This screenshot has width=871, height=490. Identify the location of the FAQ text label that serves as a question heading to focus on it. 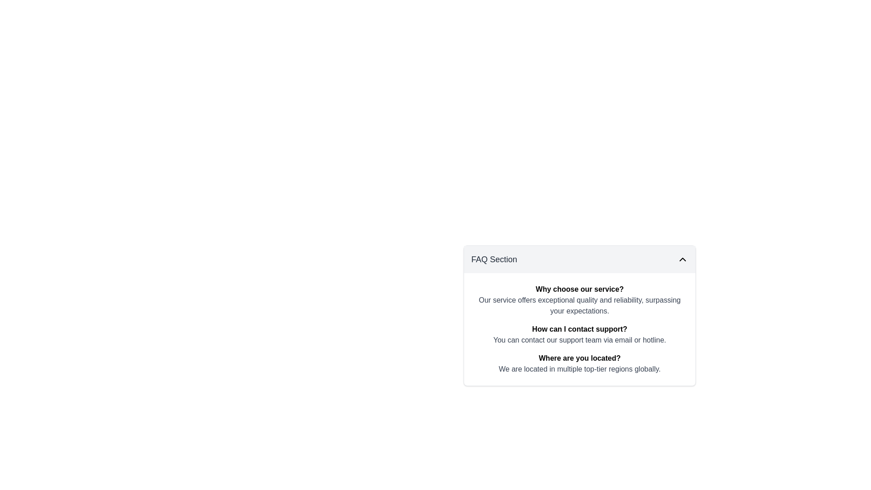
(579, 329).